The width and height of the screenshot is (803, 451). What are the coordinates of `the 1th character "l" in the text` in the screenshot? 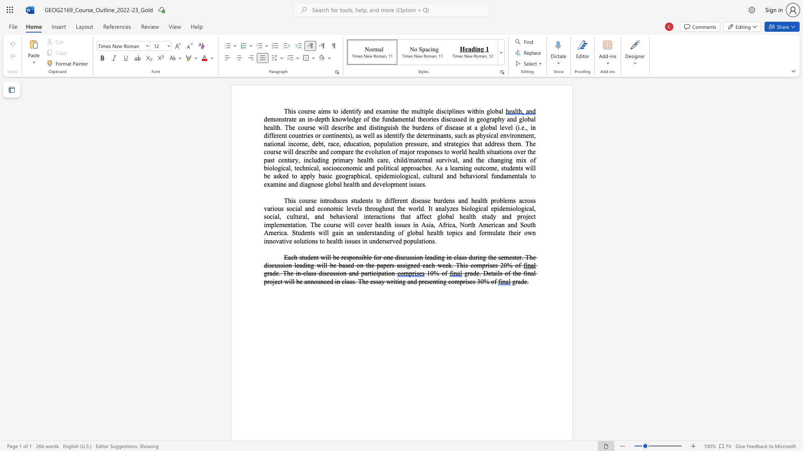 It's located at (497, 135).